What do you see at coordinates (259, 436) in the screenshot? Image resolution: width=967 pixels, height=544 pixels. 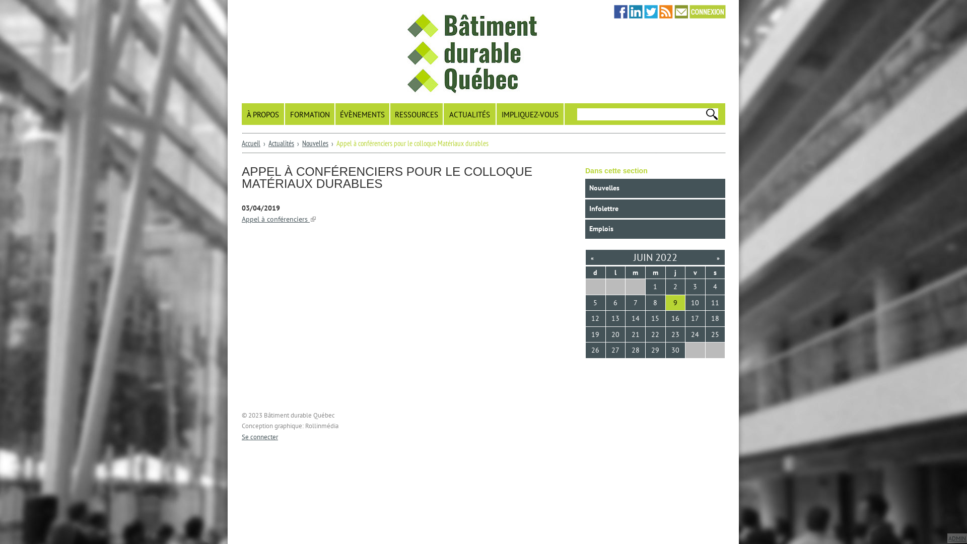 I see `'Se connecter'` at bounding box center [259, 436].